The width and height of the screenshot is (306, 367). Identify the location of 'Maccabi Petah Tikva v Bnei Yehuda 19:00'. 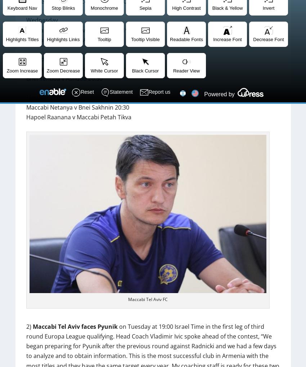
(26, 30).